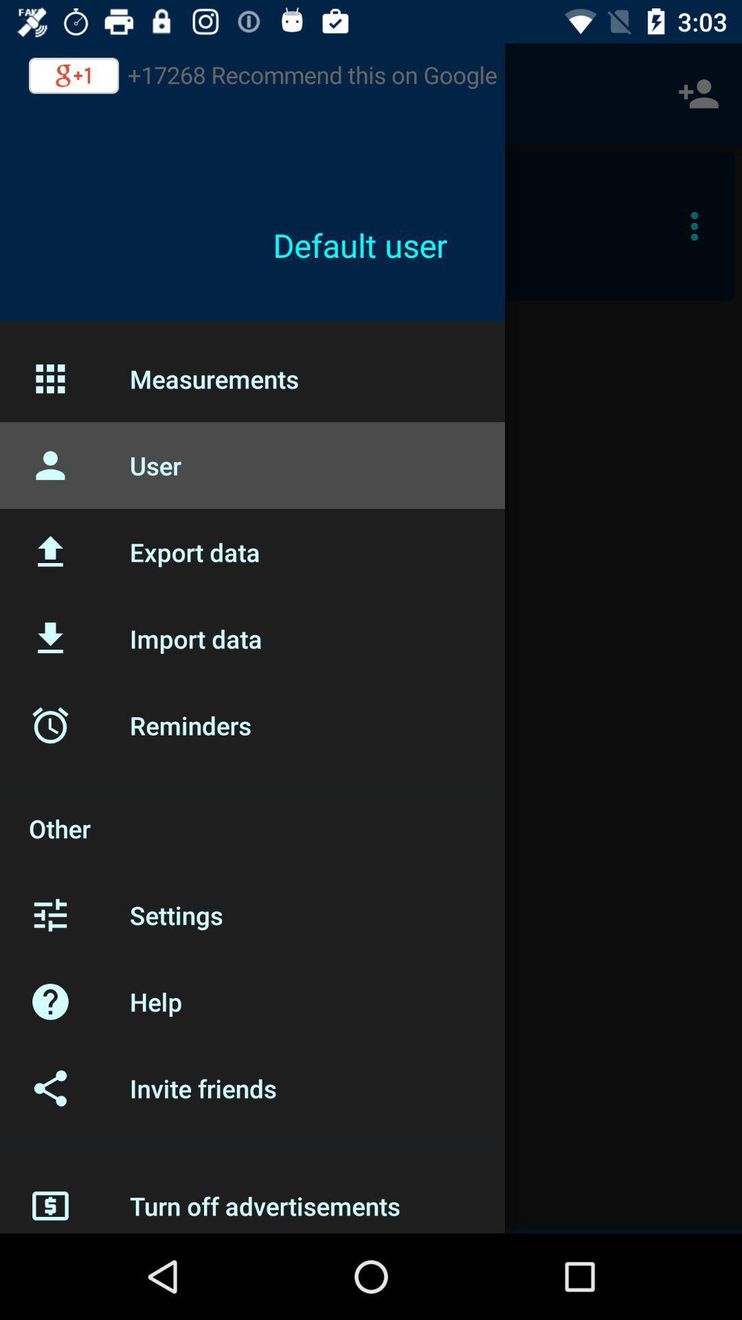  What do you see at coordinates (699, 93) in the screenshot?
I see `the icon add contacts` at bounding box center [699, 93].